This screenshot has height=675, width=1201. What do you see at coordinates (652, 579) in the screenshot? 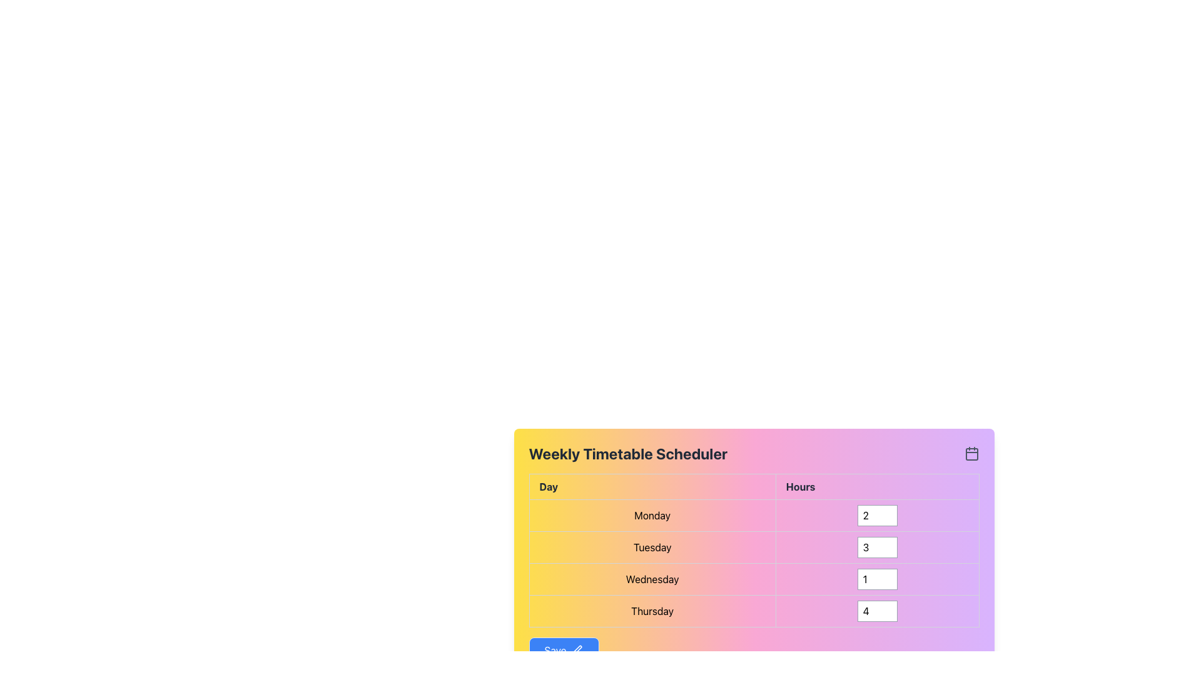
I see `the text label displaying 'Wednesday' in bold font, located in the third row of the 'Day' column in the weekly timetable scheduler` at bounding box center [652, 579].